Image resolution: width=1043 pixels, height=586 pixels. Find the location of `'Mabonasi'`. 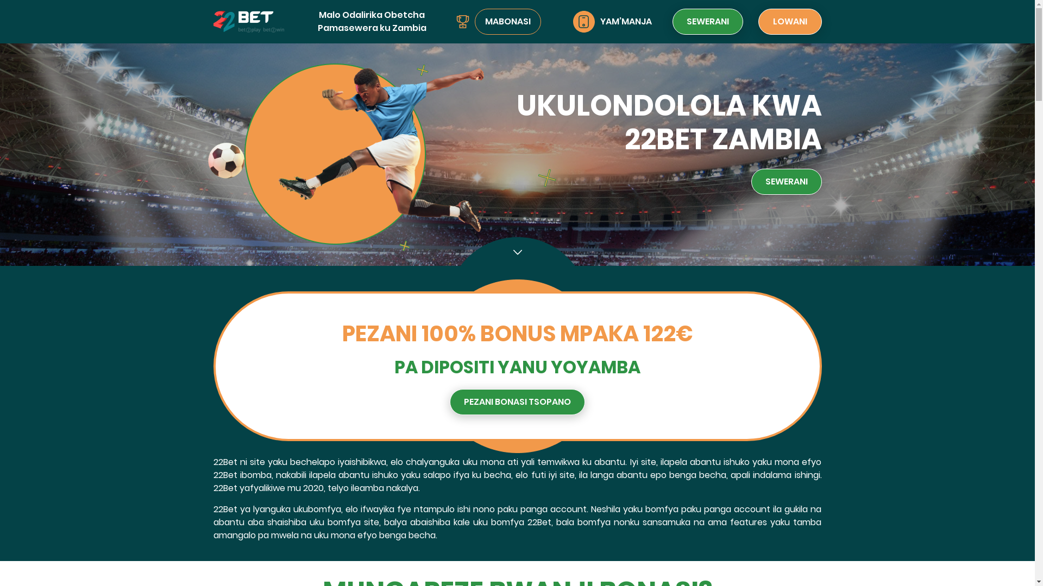

'Mabonasi' is located at coordinates (462, 21).